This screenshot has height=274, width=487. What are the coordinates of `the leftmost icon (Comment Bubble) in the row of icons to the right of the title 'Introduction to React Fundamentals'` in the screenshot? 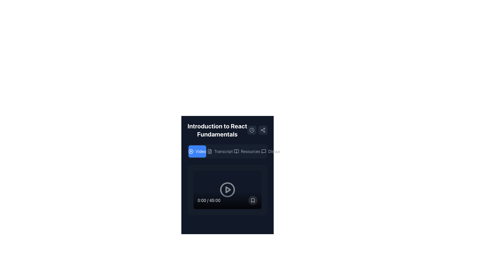 It's located at (264, 151).